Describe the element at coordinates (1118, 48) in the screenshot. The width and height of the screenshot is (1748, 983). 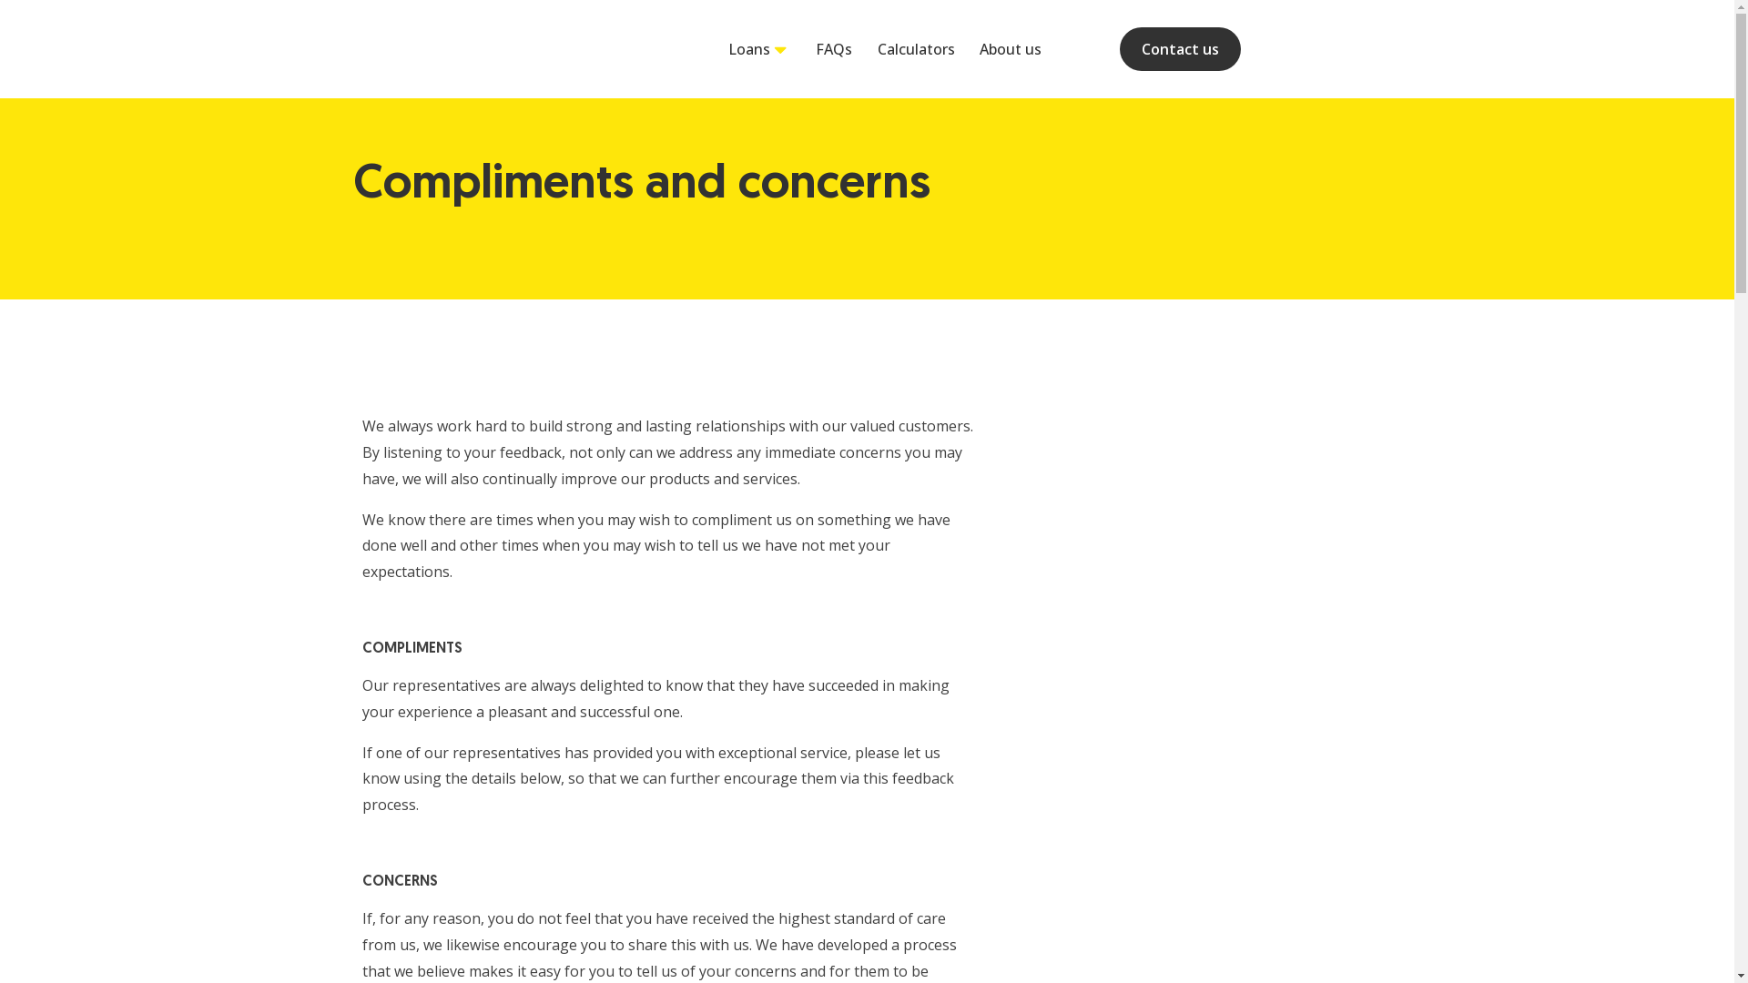
I see `'Contact us'` at that location.